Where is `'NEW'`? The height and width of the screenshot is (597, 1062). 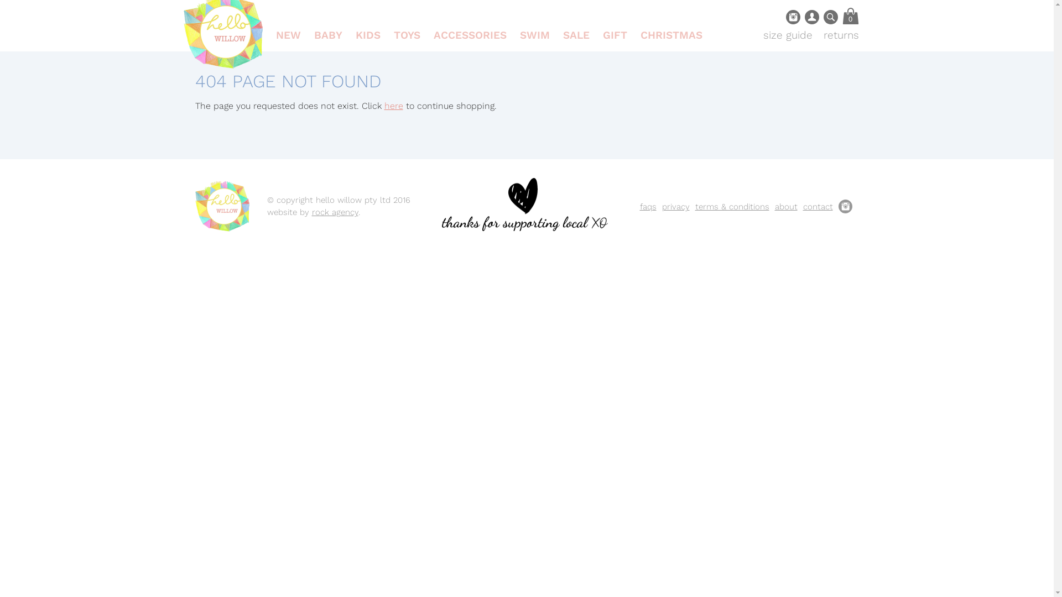
'NEW' is located at coordinates (288, 35).